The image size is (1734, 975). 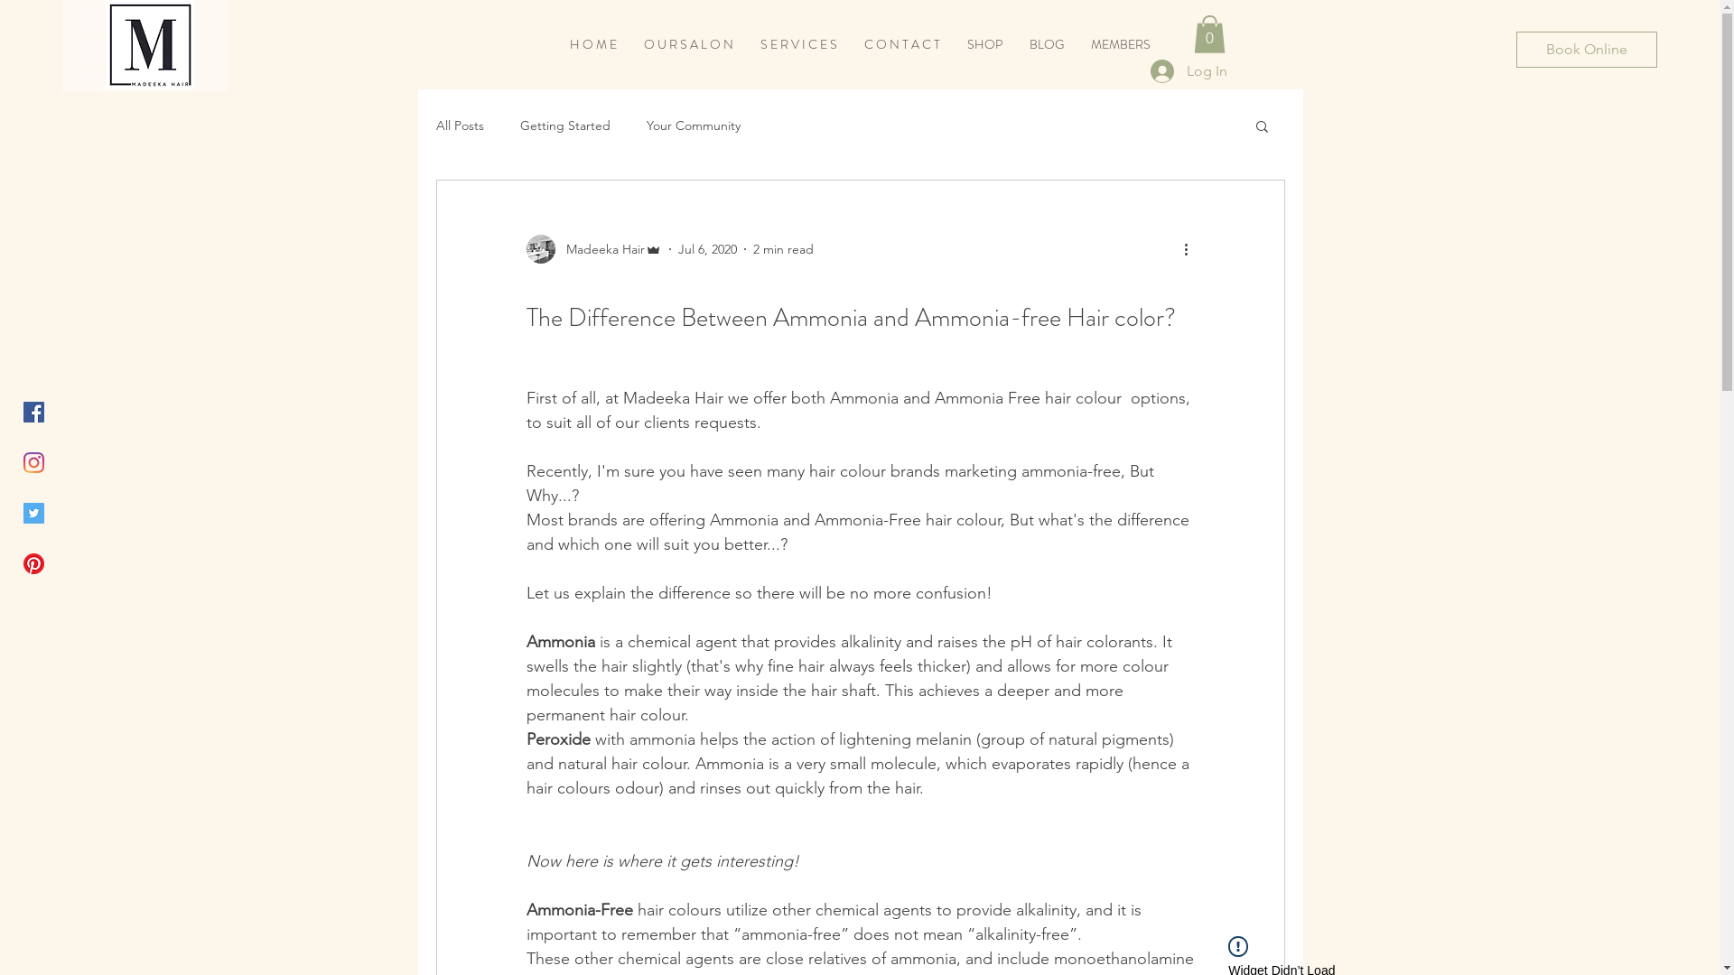 I want to click on 'All Posts', so click(x=459, y=124).